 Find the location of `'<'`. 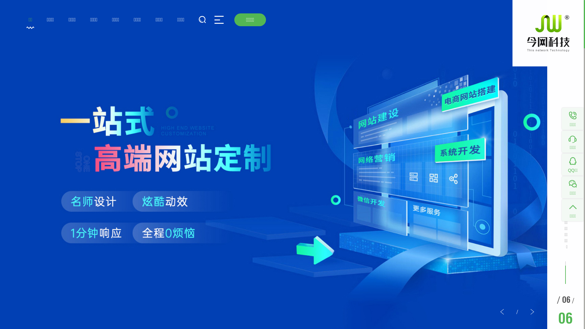

'<' is located at coordinates (502, 312).